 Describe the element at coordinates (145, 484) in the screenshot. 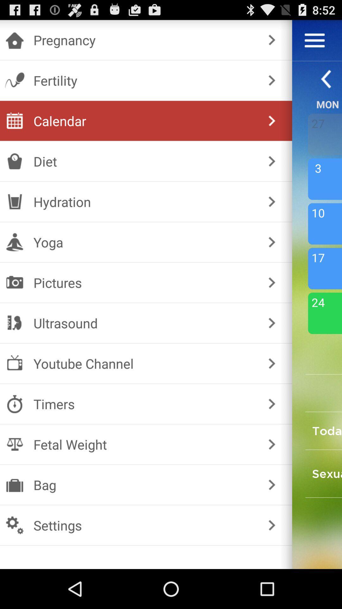

I see `bag icon` at that location.